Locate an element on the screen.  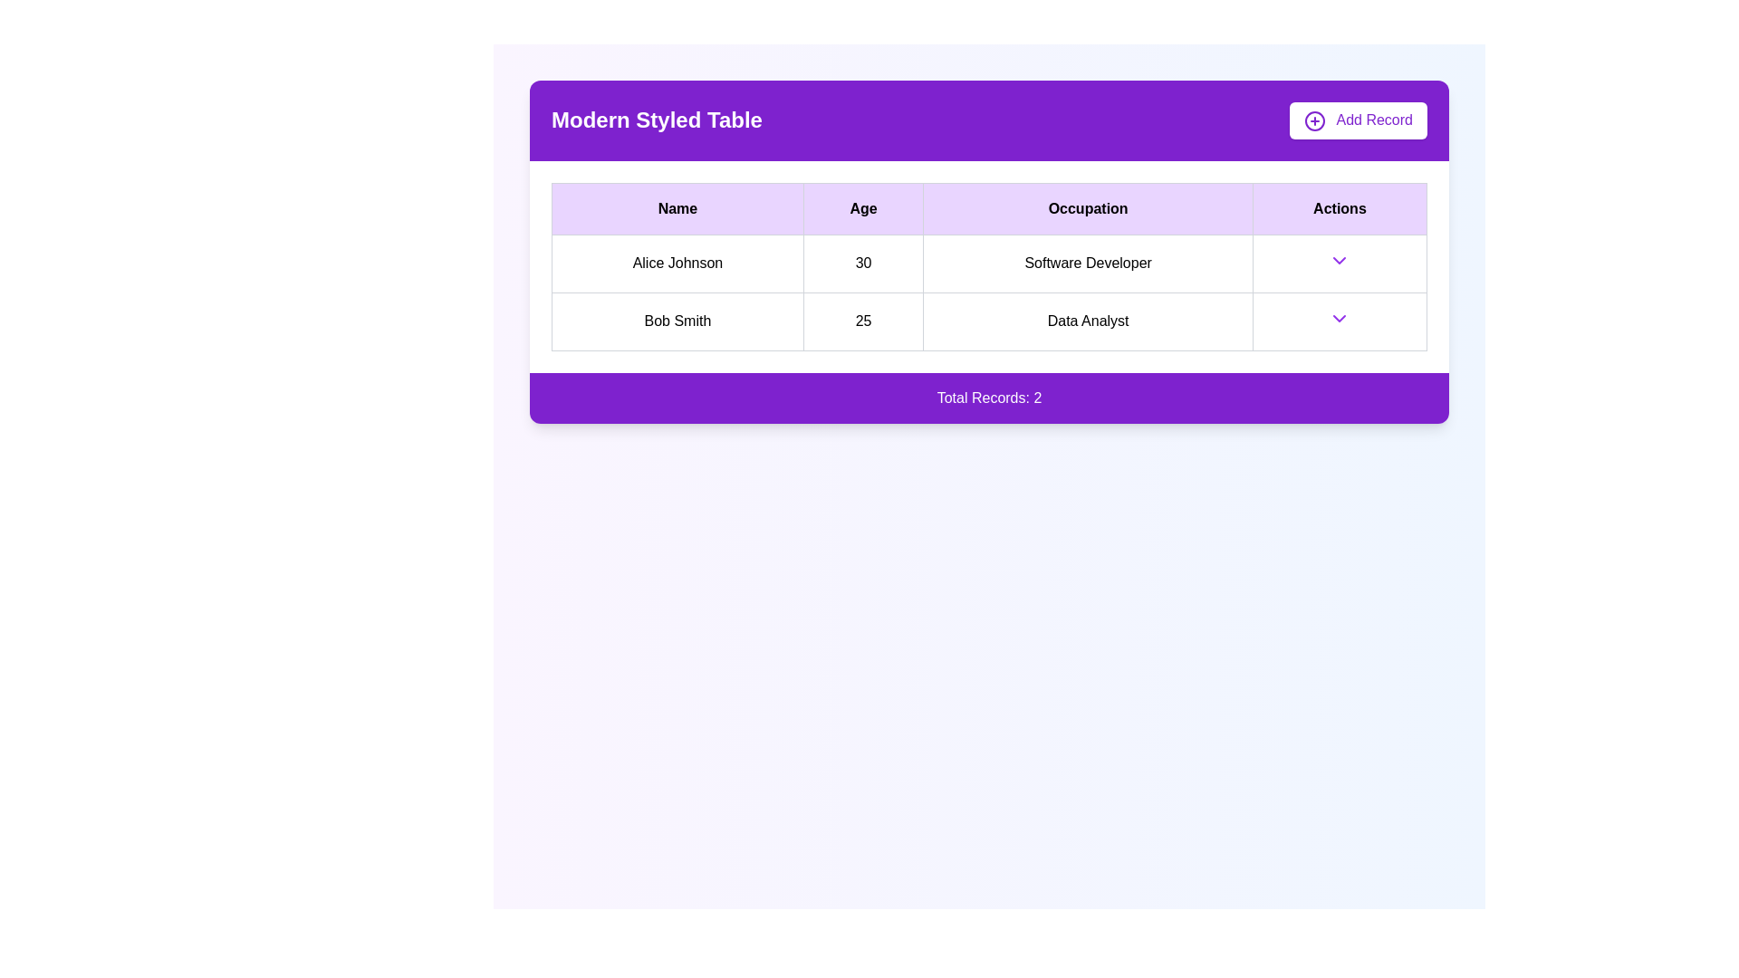
the text displaying 'Software Developer' which is centered in a rectangular space with a gray outline, located in the third cell of the table row under the 'Occupation' header is located at coordinates (1087, 264).